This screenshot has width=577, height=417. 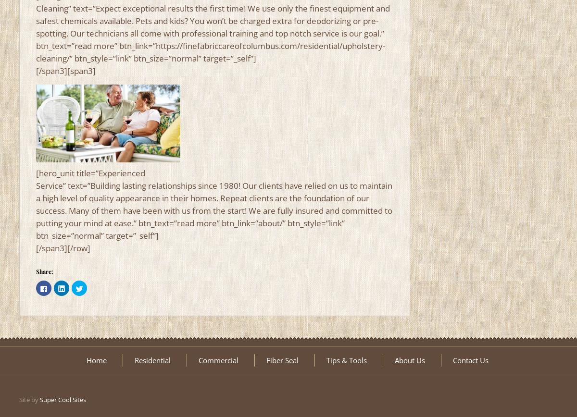 What do you see at coordinates (90, 173) in the screenshot?
I see `'[hero_unit title=”Experienced'` at bounding box center [90, 173].